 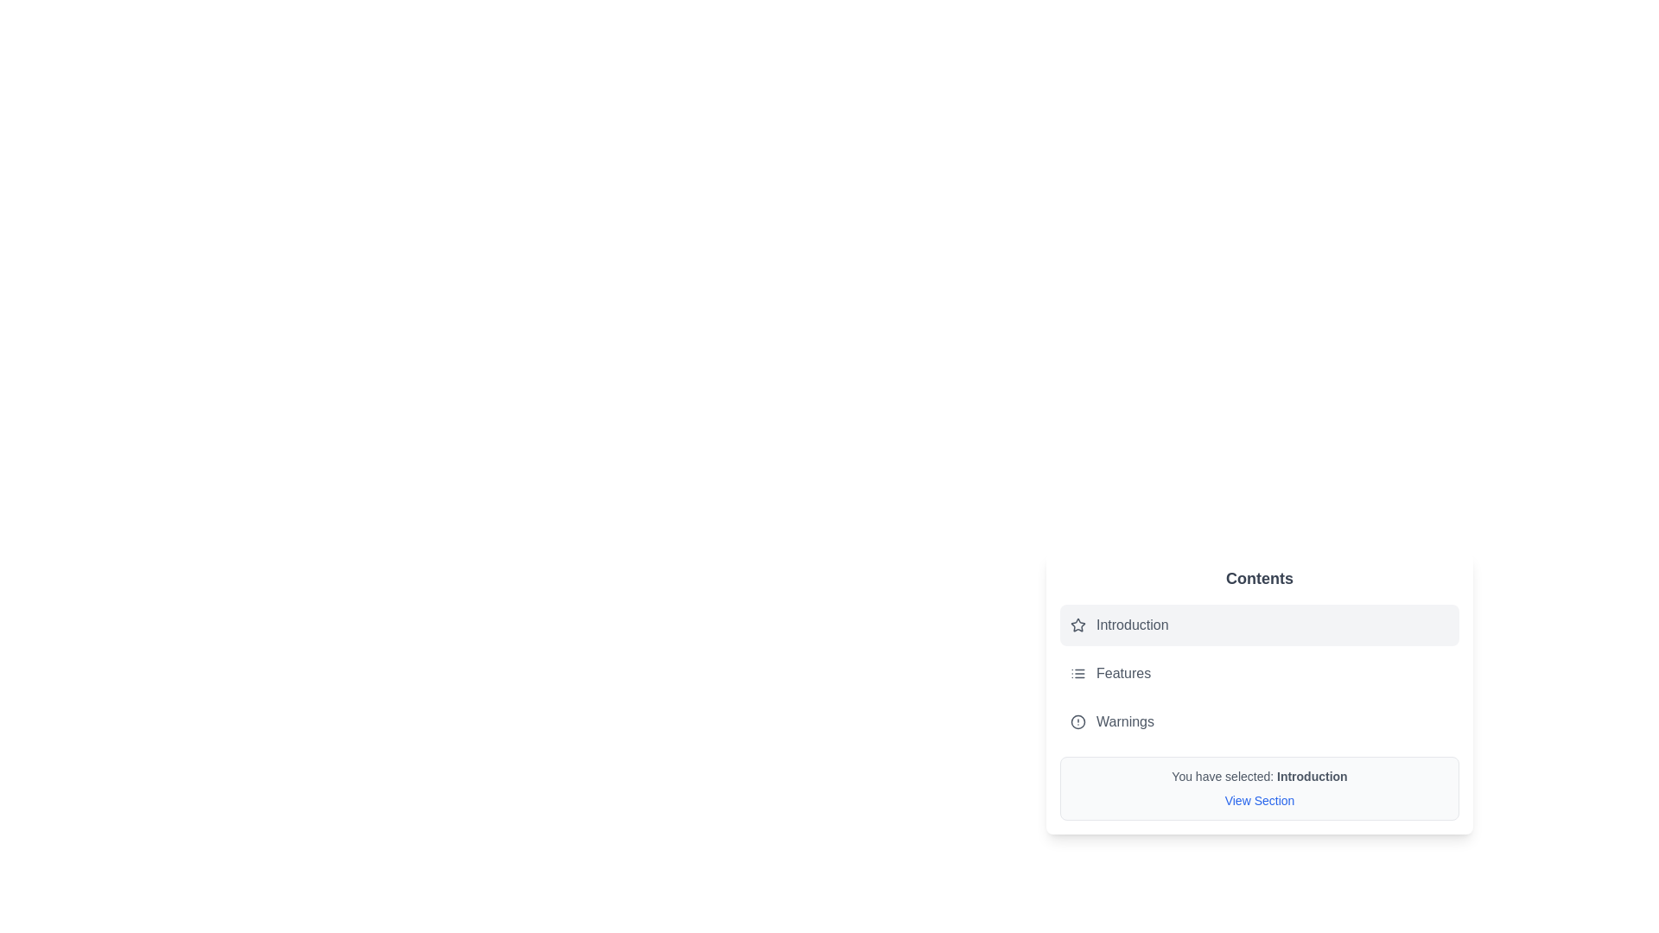 What do you see at coordinates (1260, 775) in the screenshot?
I see `the text label displaying 'You have selected: Introduction', which is emphasized in grey text and located centrally under the headings` at bounding box center [1260, 775].